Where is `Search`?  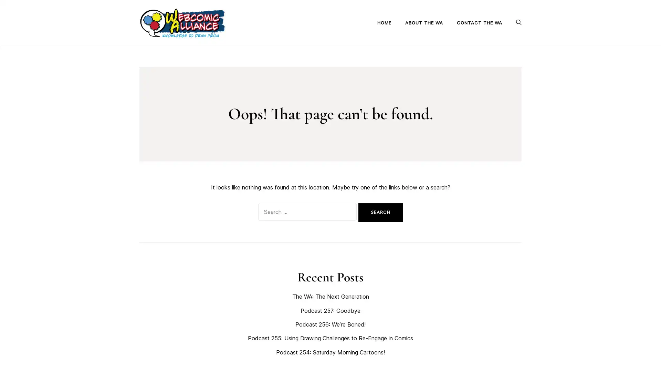
Search is located at coordinates (380, 212).